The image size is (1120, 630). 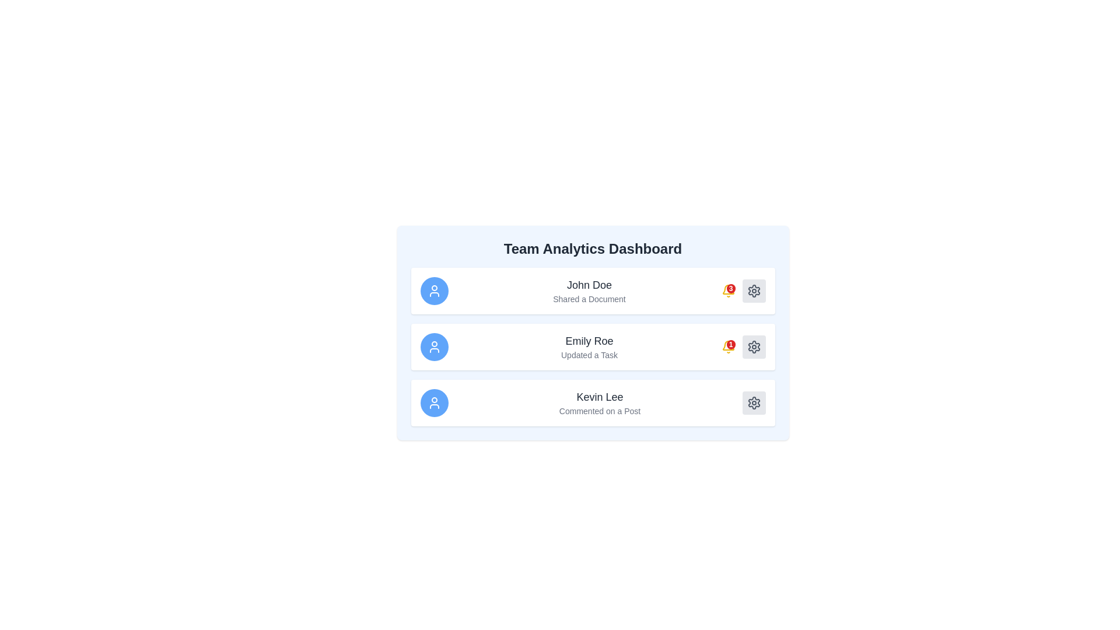 I want to click on the user profile icon, which is a white silhouette on a circular blue background, located on the far left of the first row in a user details list, so click(x=433, y=290).